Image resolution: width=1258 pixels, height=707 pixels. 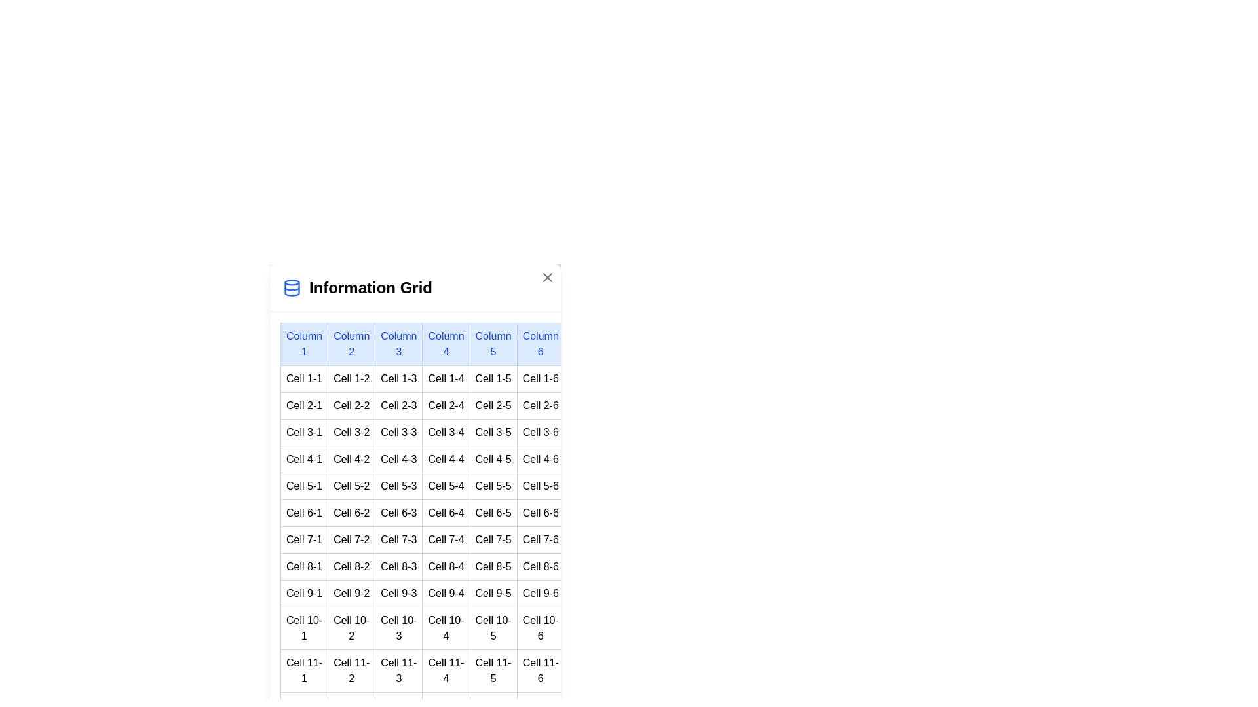 I want to click on the header of the table to focus on it and read its content, so click(x=469, y=343).